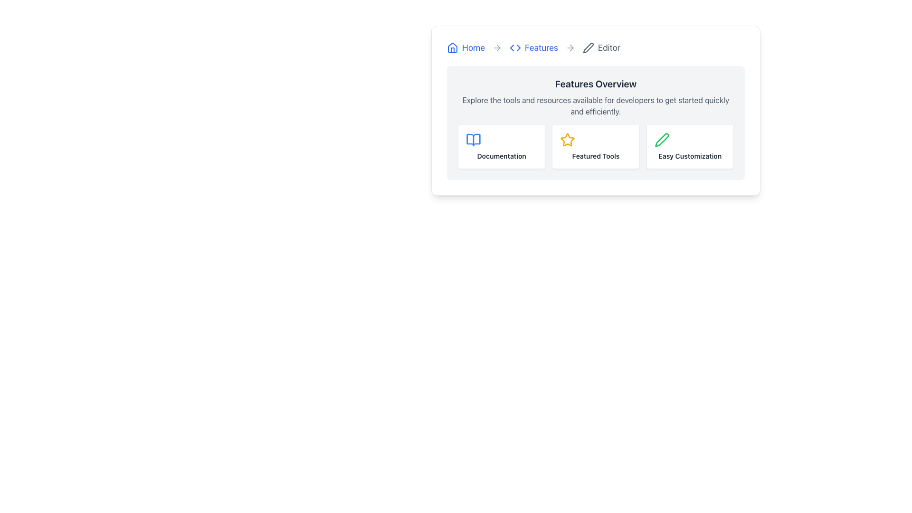  I want to click on the right-pointing arrow icon in the breadcrumb navigation, positioned between 'Features' and 'Editor', so click(498, 47).